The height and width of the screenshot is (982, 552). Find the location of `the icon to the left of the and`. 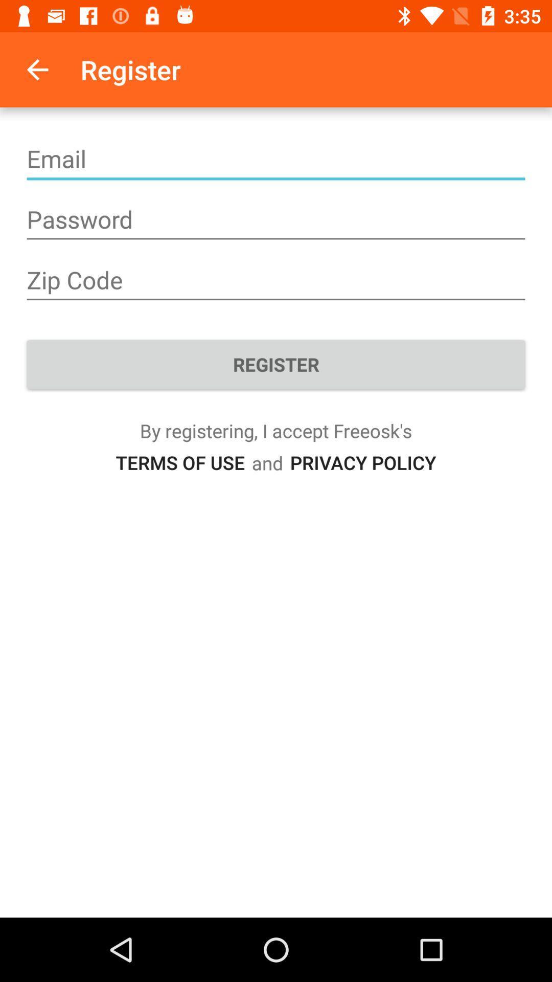

the icon to the left of the and is located at coordinates (179, 462).